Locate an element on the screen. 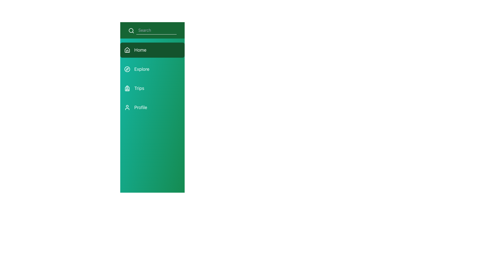 This screenshot has height=272, width=483. the user's profile SVG icon located at the far left of the 'Profile' menu item, which serves as an indicator for the user's account or profile section is located at coordinates (127, 107).